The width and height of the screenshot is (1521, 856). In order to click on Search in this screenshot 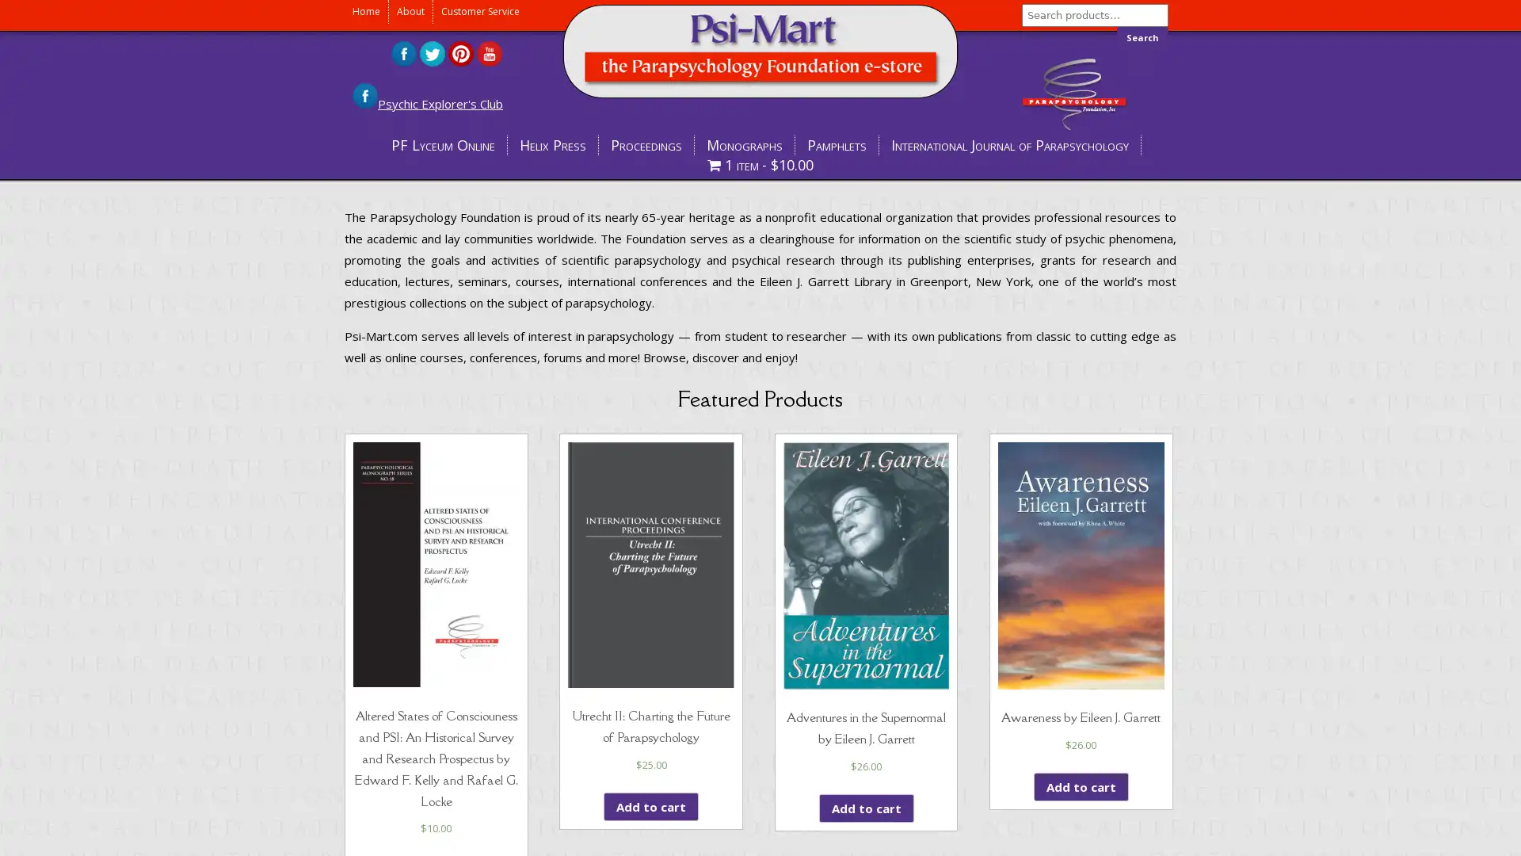, I will do `click(1142, 36)`.